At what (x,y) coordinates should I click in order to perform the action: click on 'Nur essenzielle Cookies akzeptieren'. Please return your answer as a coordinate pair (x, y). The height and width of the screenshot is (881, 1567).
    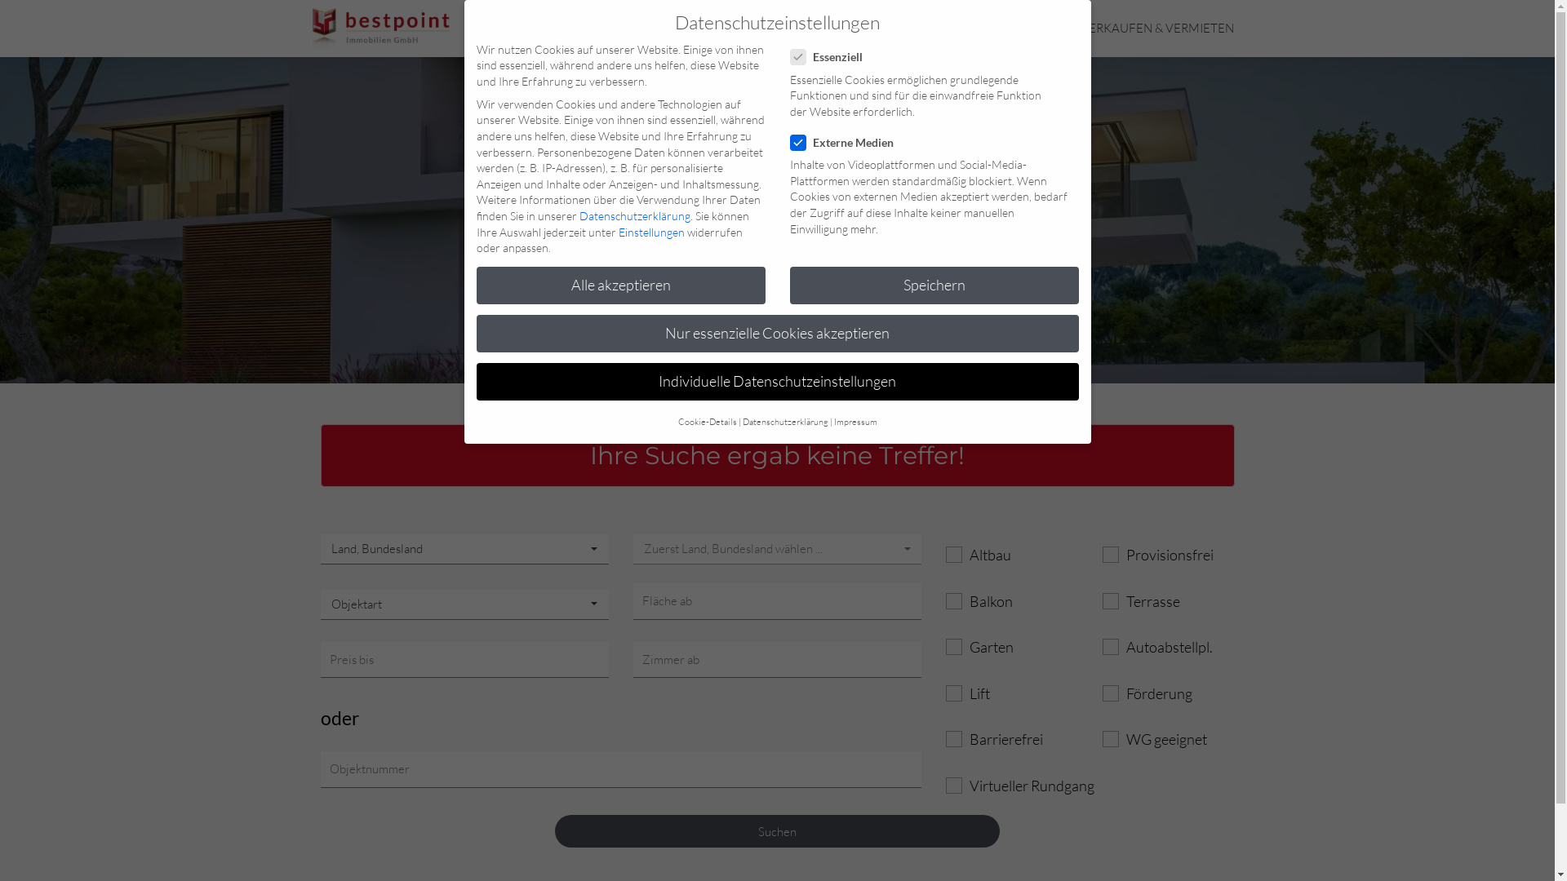
    Looking at the image, I should click on (777, 332).